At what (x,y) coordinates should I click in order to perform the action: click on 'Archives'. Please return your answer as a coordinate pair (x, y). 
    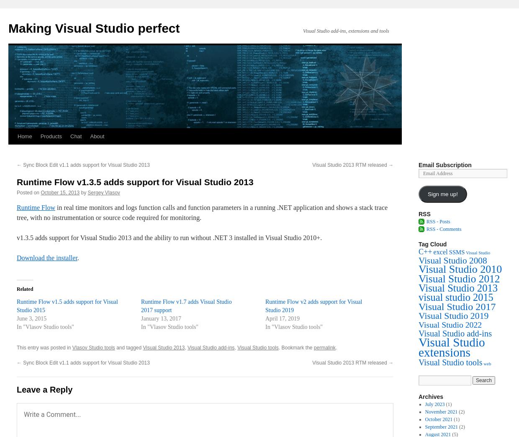
    Looking at the image, I should click on (431, 396).